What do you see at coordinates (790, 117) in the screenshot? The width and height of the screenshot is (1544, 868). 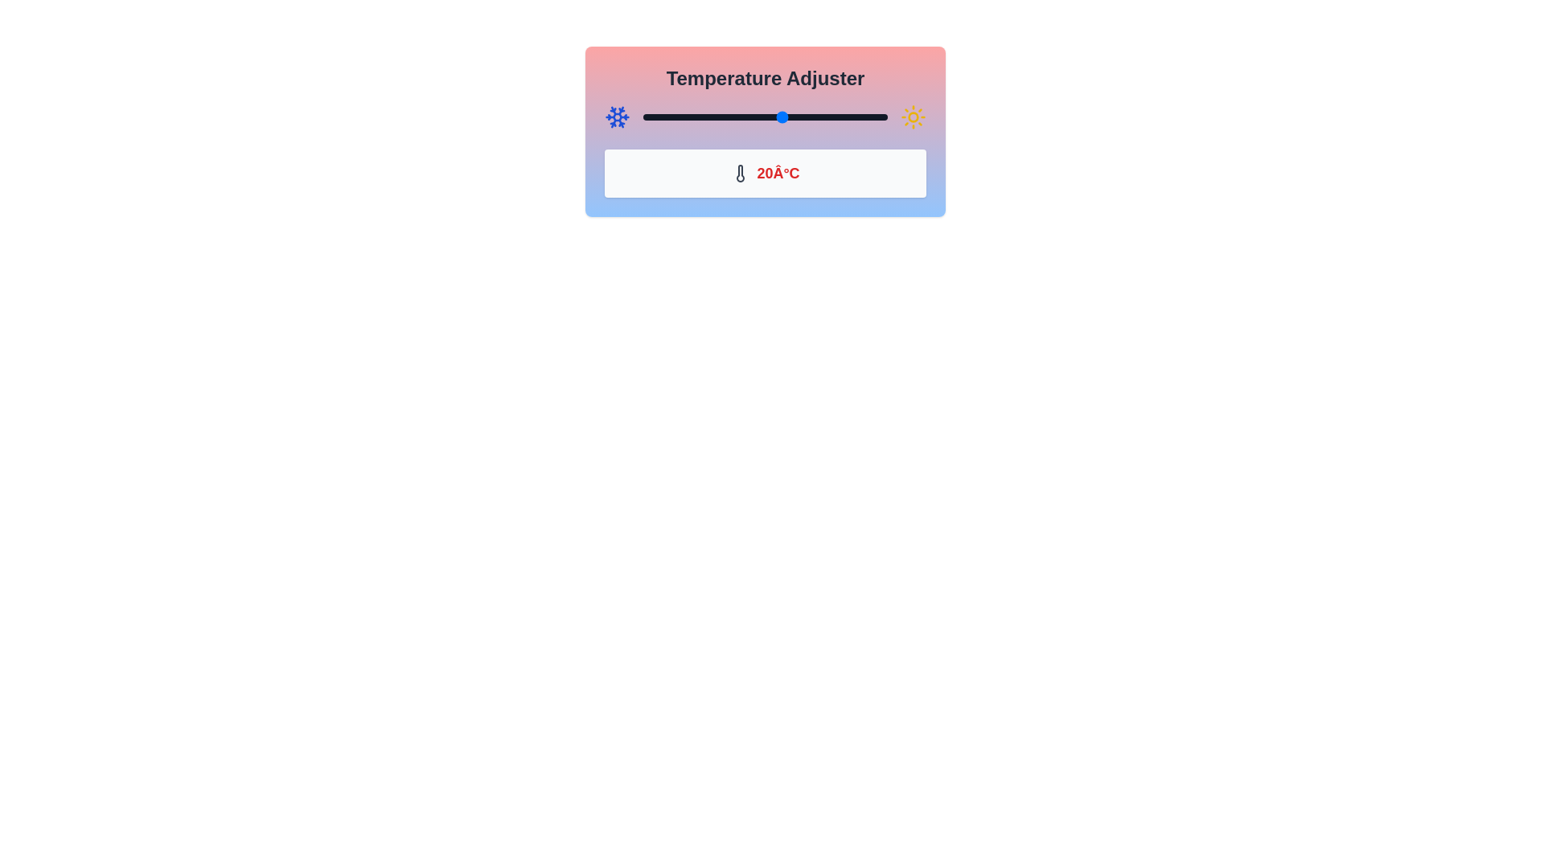 I see `the temperature to 22°C using the slider` at bounding box center [790, 117].